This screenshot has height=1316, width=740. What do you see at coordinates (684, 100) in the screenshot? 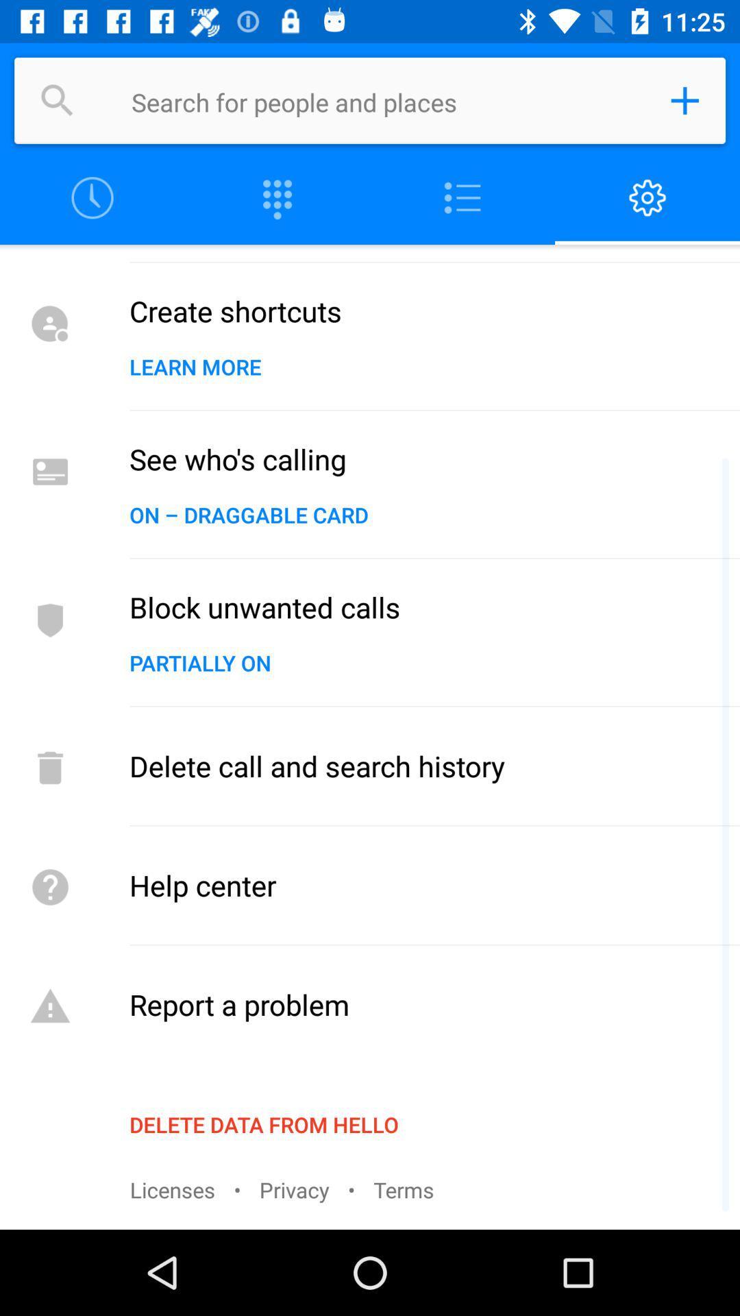
I see `location` at bounding box center [684, 100].